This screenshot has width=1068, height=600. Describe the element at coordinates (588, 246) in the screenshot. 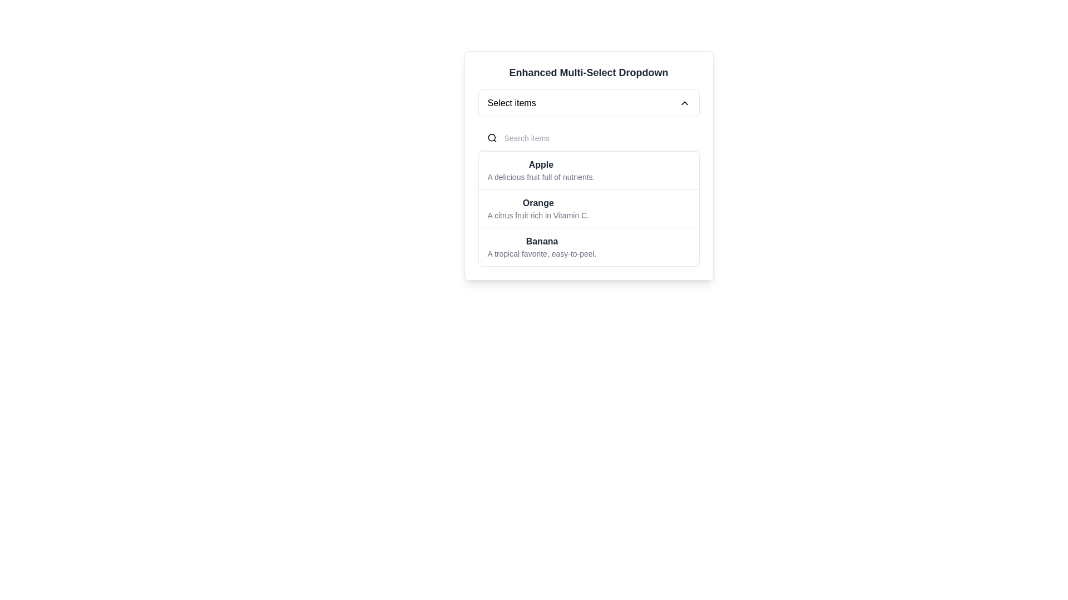

I see `to select the 'Banana' option from the dropdown menu, which is the third item in the list below 'Apple' and 'Orange'` at that location.